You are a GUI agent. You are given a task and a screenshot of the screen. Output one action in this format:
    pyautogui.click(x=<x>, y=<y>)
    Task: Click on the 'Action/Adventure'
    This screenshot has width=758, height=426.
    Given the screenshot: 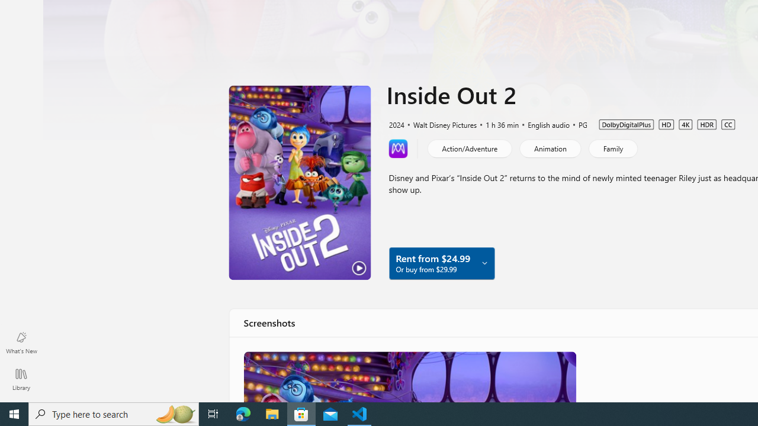 What is the action you would take?
    pyautogui.click(x=468, y=147)
    